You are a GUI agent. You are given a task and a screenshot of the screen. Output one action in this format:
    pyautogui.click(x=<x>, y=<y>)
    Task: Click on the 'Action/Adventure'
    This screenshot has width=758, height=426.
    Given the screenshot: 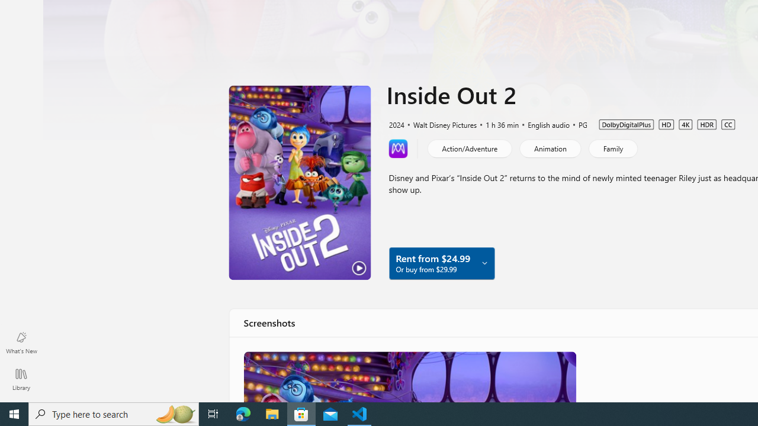 What is the action you would take?
    pyautogui.click(x=468, y=147)
    